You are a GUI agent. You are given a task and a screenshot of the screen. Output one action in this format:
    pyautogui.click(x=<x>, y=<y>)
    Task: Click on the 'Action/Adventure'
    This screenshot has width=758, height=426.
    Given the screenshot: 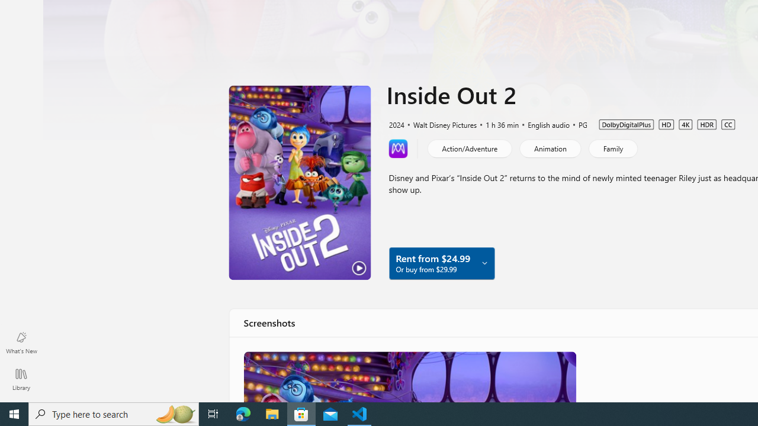 What is the action you would take?
    pyautogui.click(x=468, y=147)
    